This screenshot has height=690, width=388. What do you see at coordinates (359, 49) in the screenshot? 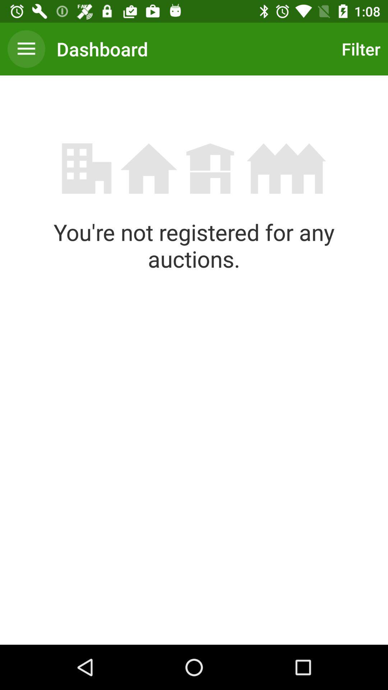
I see `item above the you re not icon` at bounding box center [359, 49].